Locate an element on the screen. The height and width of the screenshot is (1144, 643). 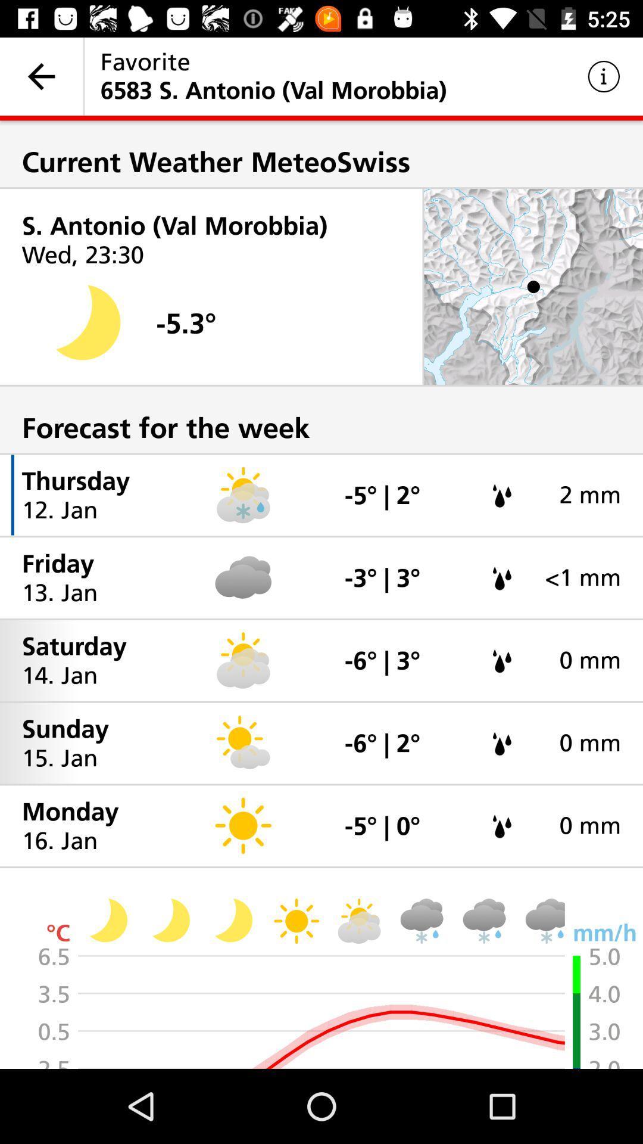
icon next to the favorite icon is located at coordinates (40, 76).